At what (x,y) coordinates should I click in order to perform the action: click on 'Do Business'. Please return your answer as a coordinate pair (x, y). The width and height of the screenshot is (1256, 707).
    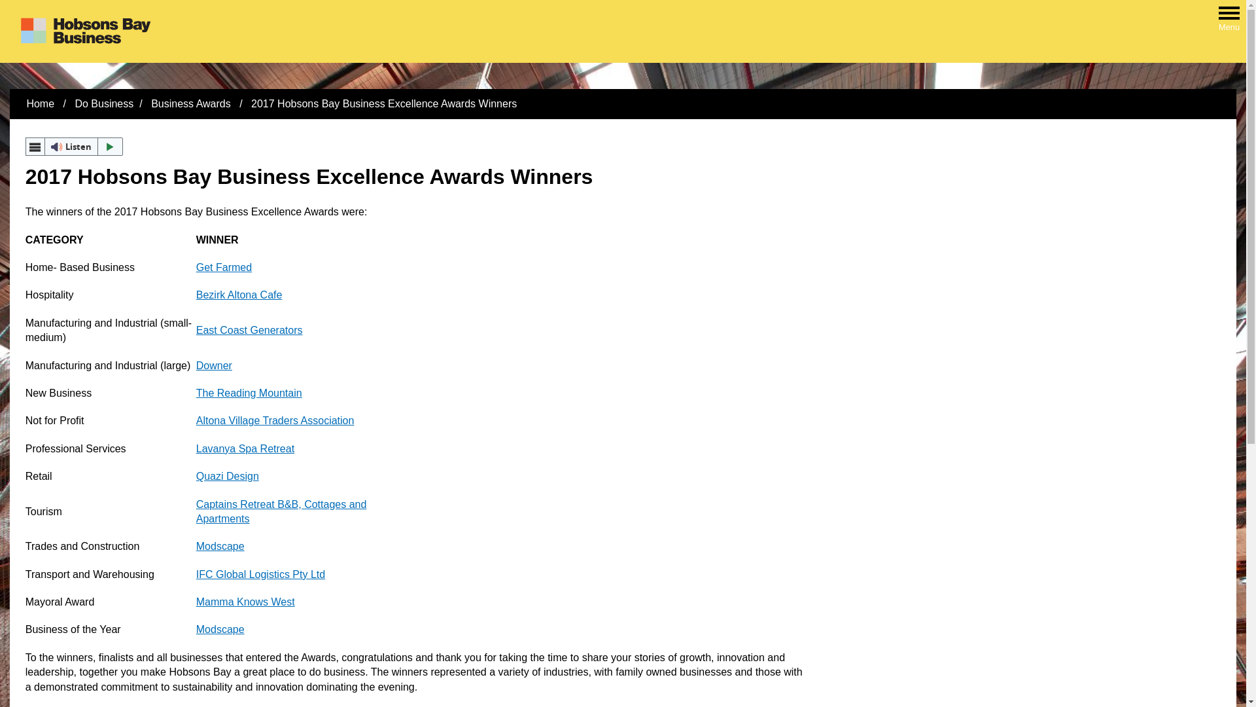
    Looking at the image, I should click on (74, 103).